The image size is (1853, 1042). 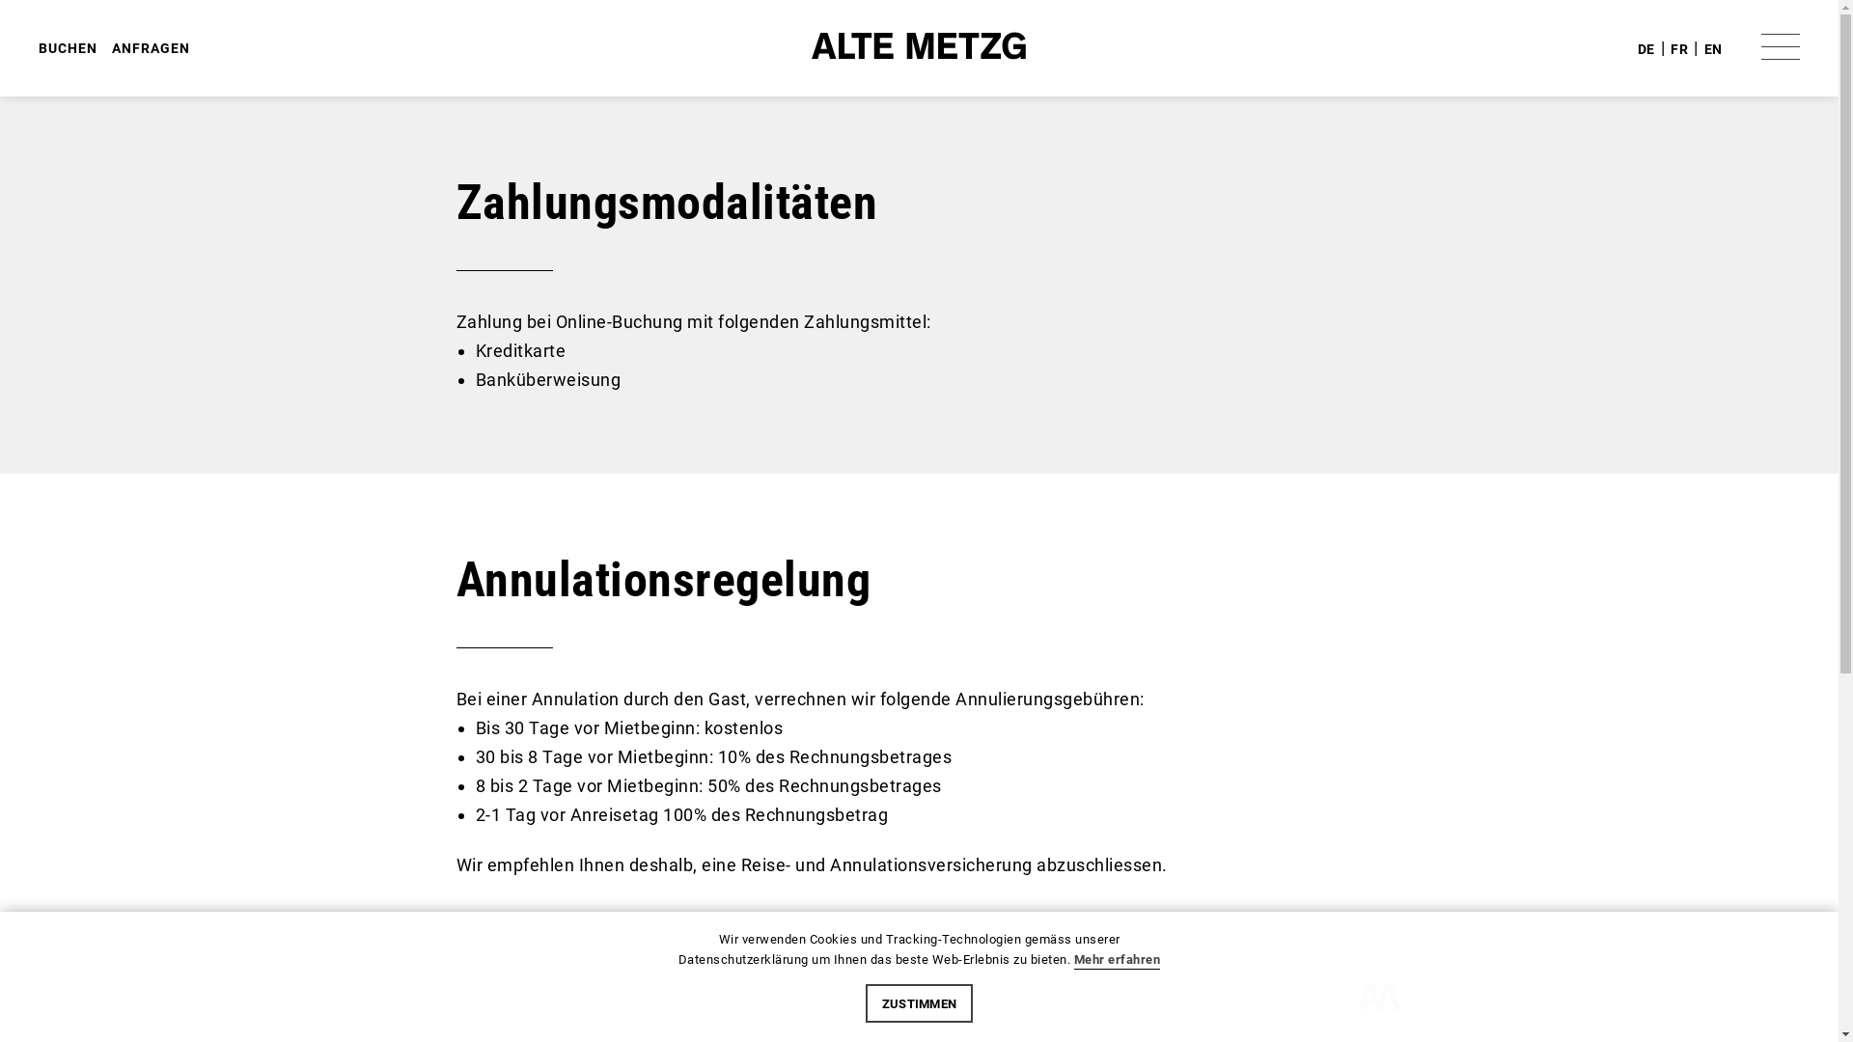 I want to click on 'Mehr erfahren', so click(x=1117, y=960).